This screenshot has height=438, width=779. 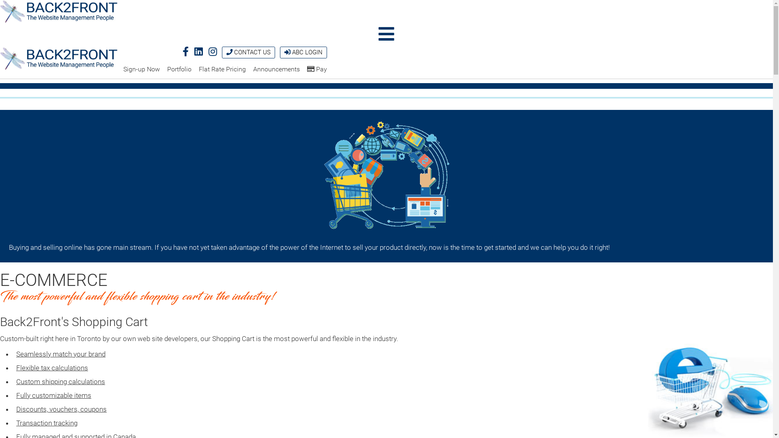 I want to click on 'Visit Us On LinkedIn', so click(x=198, y=52).